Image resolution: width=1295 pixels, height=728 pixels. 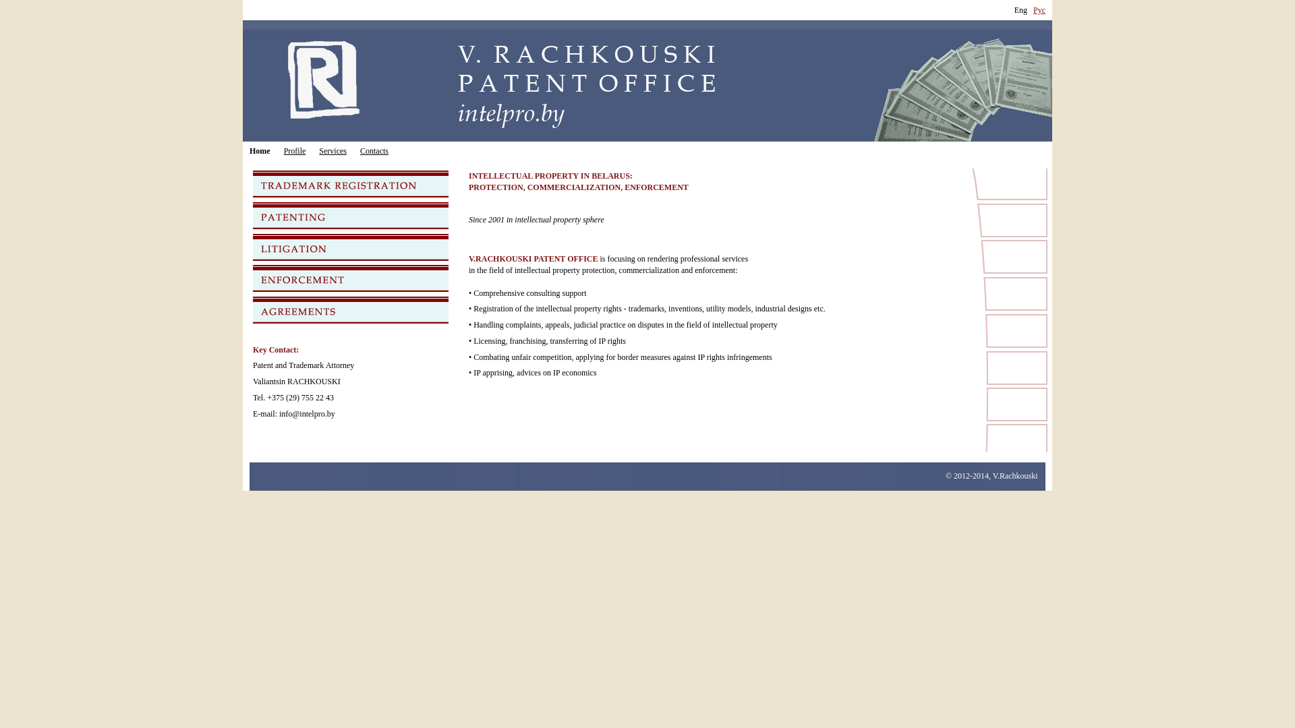 I want to click on 'Contacts', so click(x=374, y=151).